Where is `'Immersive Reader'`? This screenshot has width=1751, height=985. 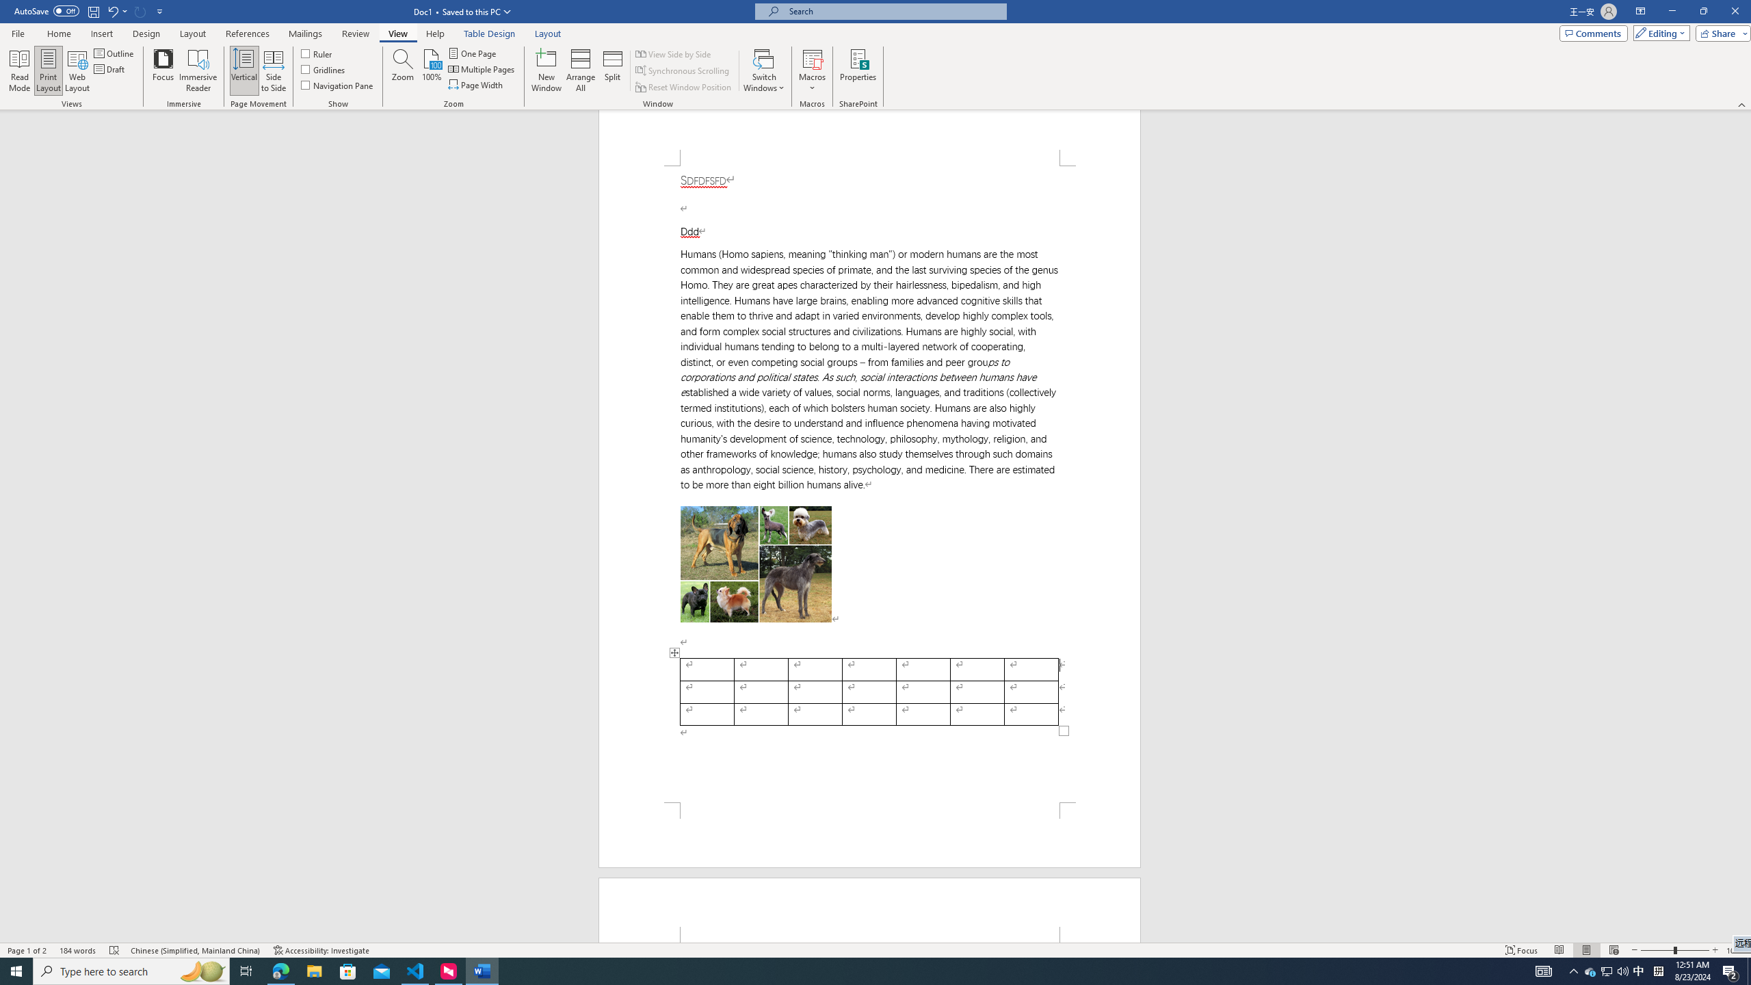 'Immersive Reader' is located at coordinates (198, 70).